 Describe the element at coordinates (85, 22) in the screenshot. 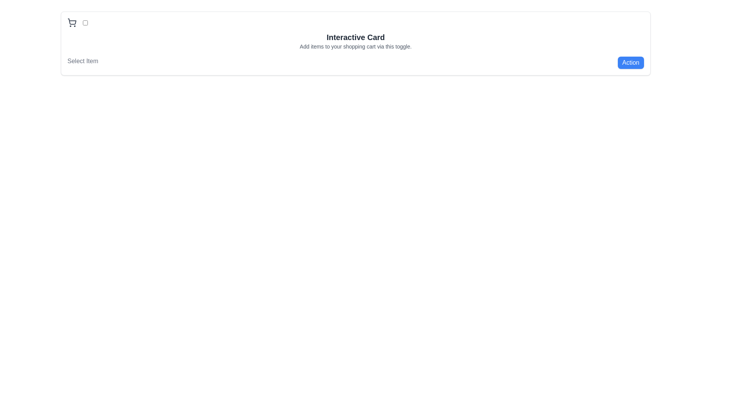

I see `the fifth checkbox element located near the shopping cart icon and the text 'Select Item'` at that location.